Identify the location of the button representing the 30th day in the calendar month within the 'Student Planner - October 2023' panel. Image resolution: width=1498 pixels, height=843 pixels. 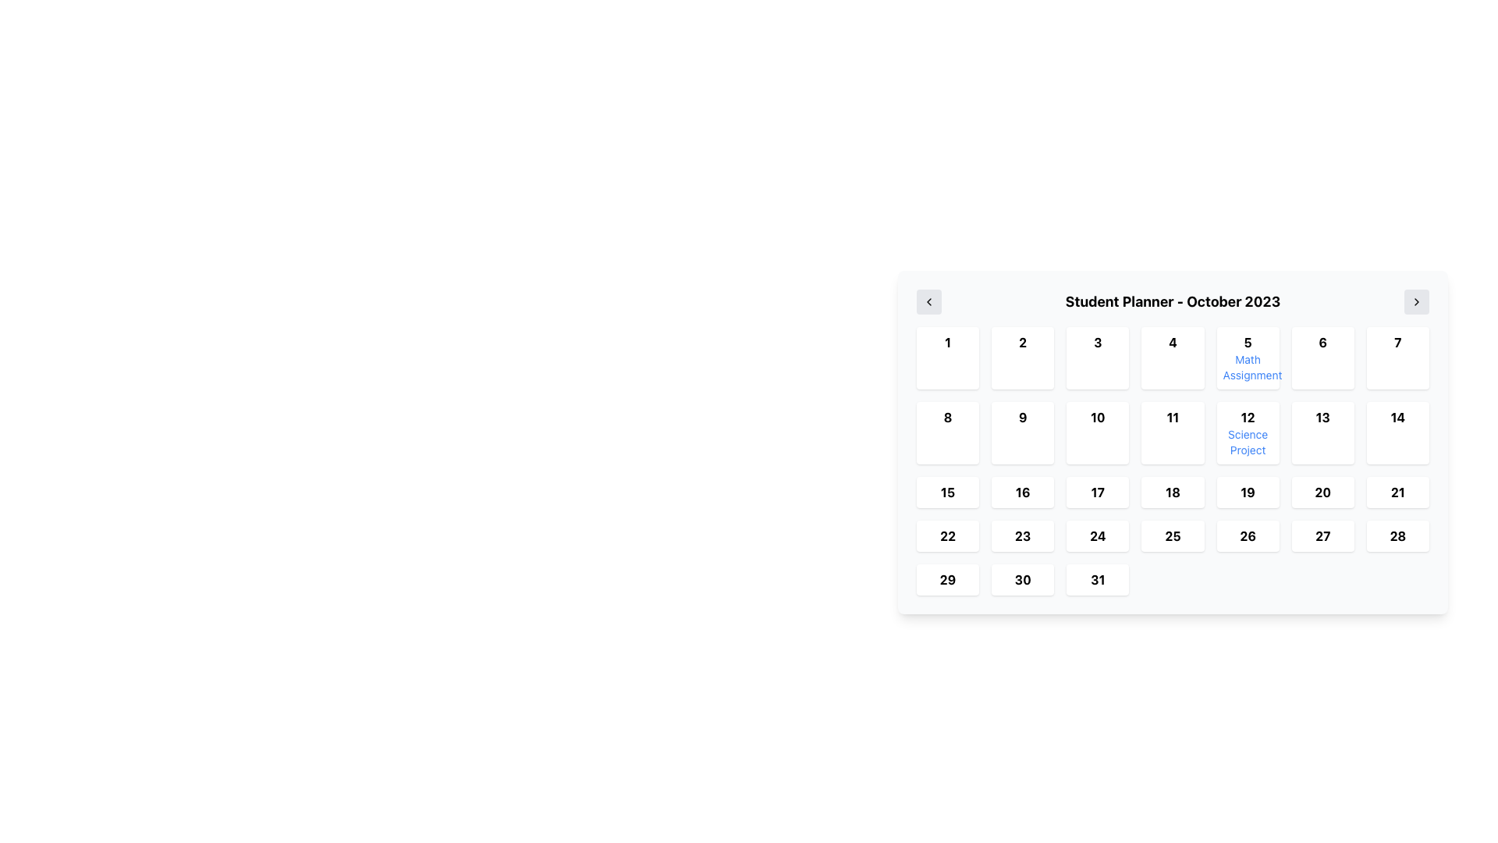
(1023, 580).